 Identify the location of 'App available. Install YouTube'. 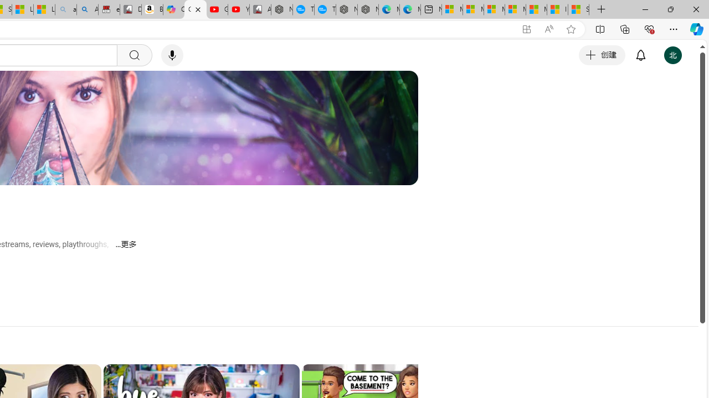
(526, 29).